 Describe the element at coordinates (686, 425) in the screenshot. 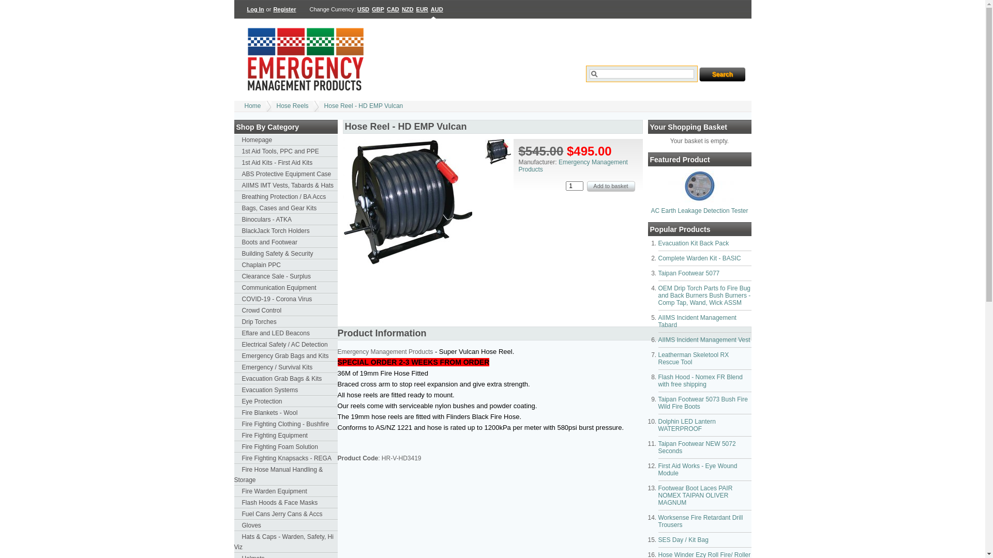

I see `'Dolphin LED Lantern WATERPROOF'` at that location.